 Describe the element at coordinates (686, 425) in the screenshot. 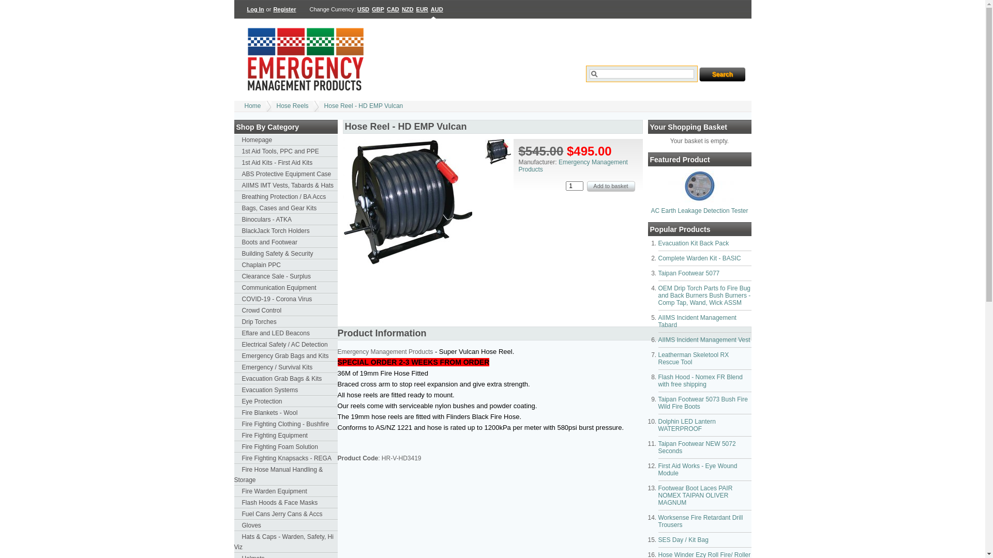

I see `'Dolphin LED Lantern WATERPROOF'` at that location.